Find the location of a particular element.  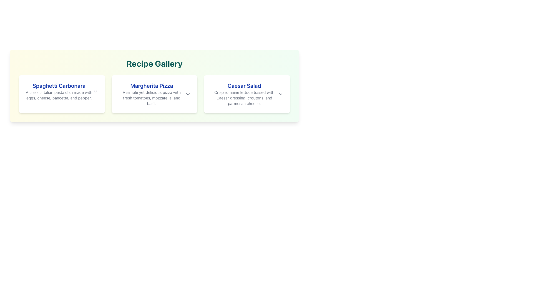

the downward-pointing chevron icon located at the top-right corner of the Spaghetti Carbonara card is located at coordinates (95, 91).